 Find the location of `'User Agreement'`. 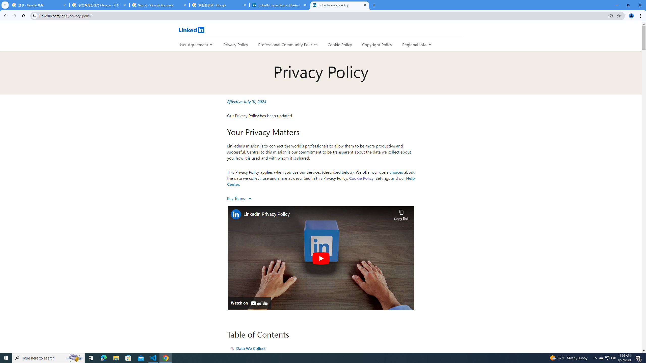

'User Agreement' is located at coordinates (193, 44).